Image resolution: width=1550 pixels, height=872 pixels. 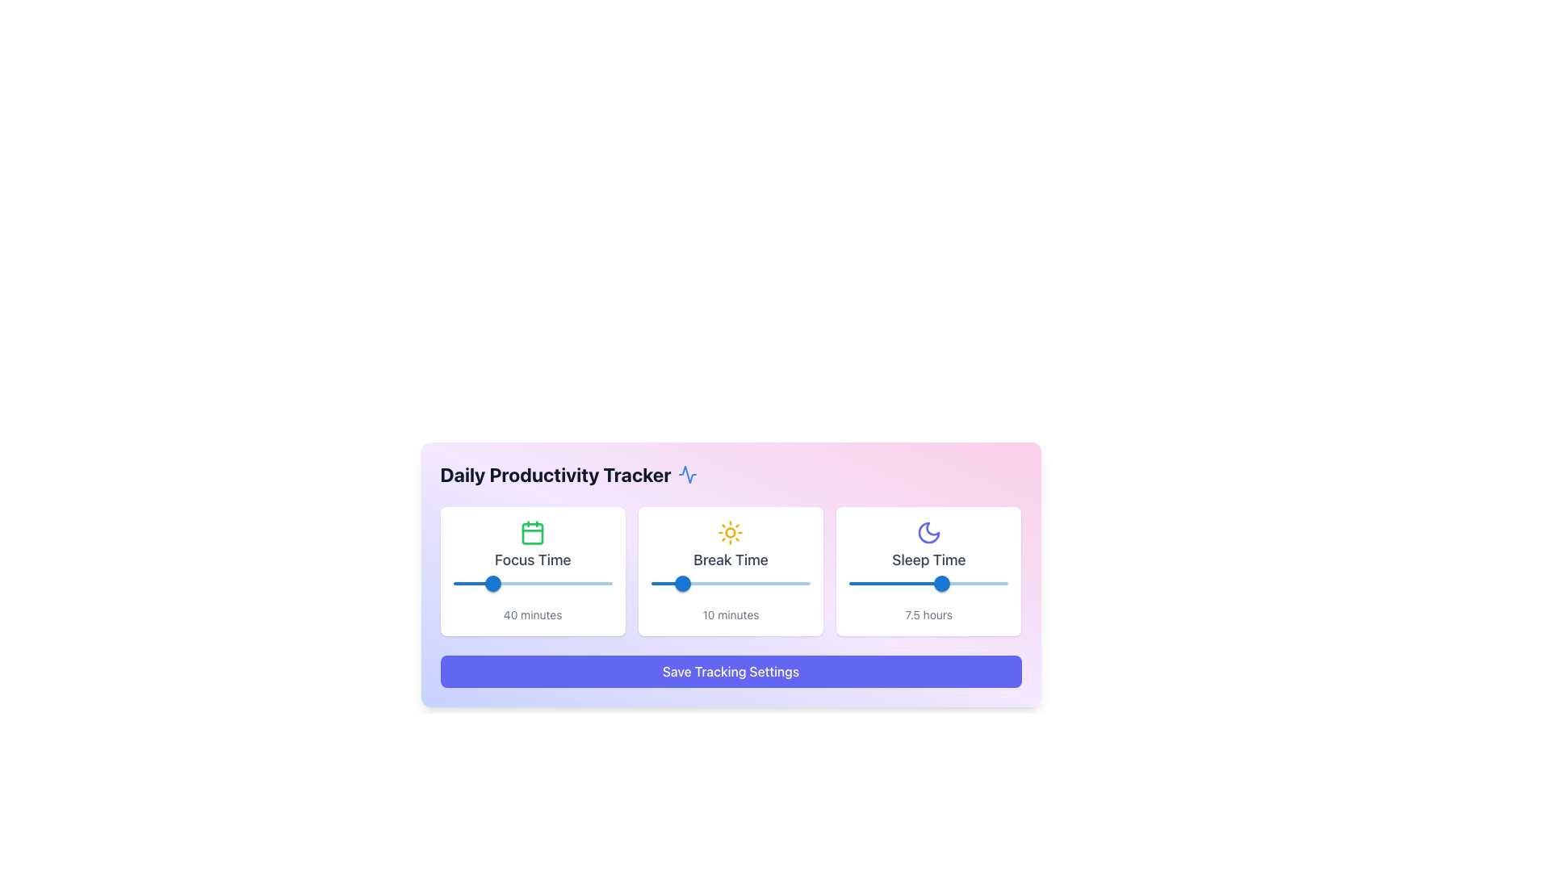 I want to click on break time, so click(x=781, y=583).